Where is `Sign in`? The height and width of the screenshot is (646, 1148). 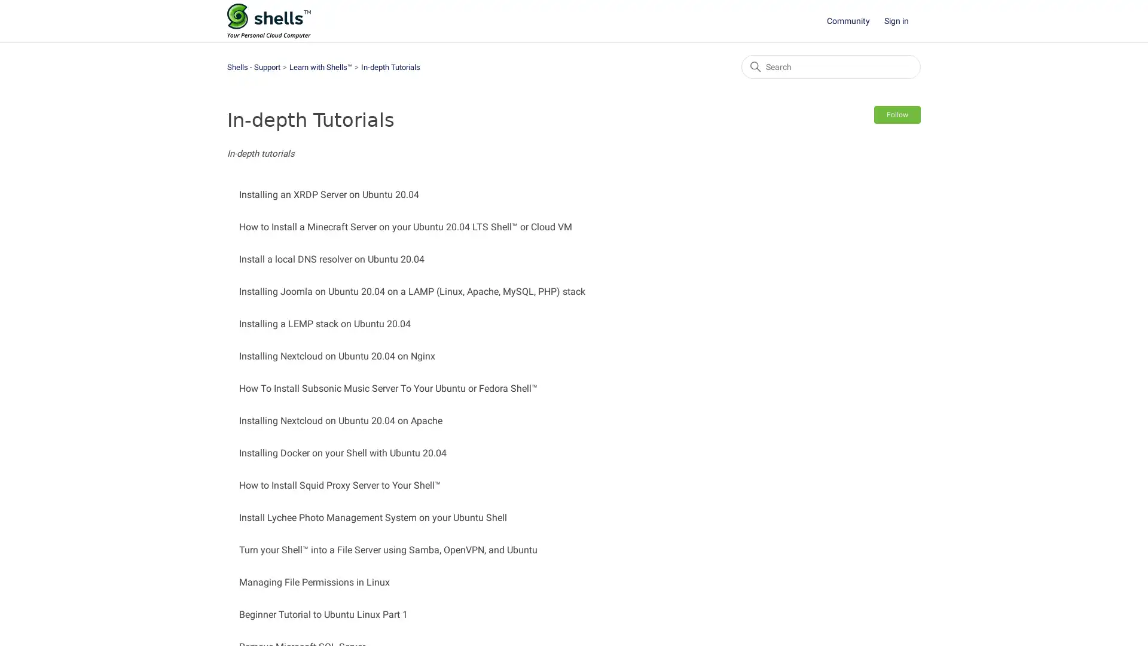
Sign in is located at coordinates (902, 21).